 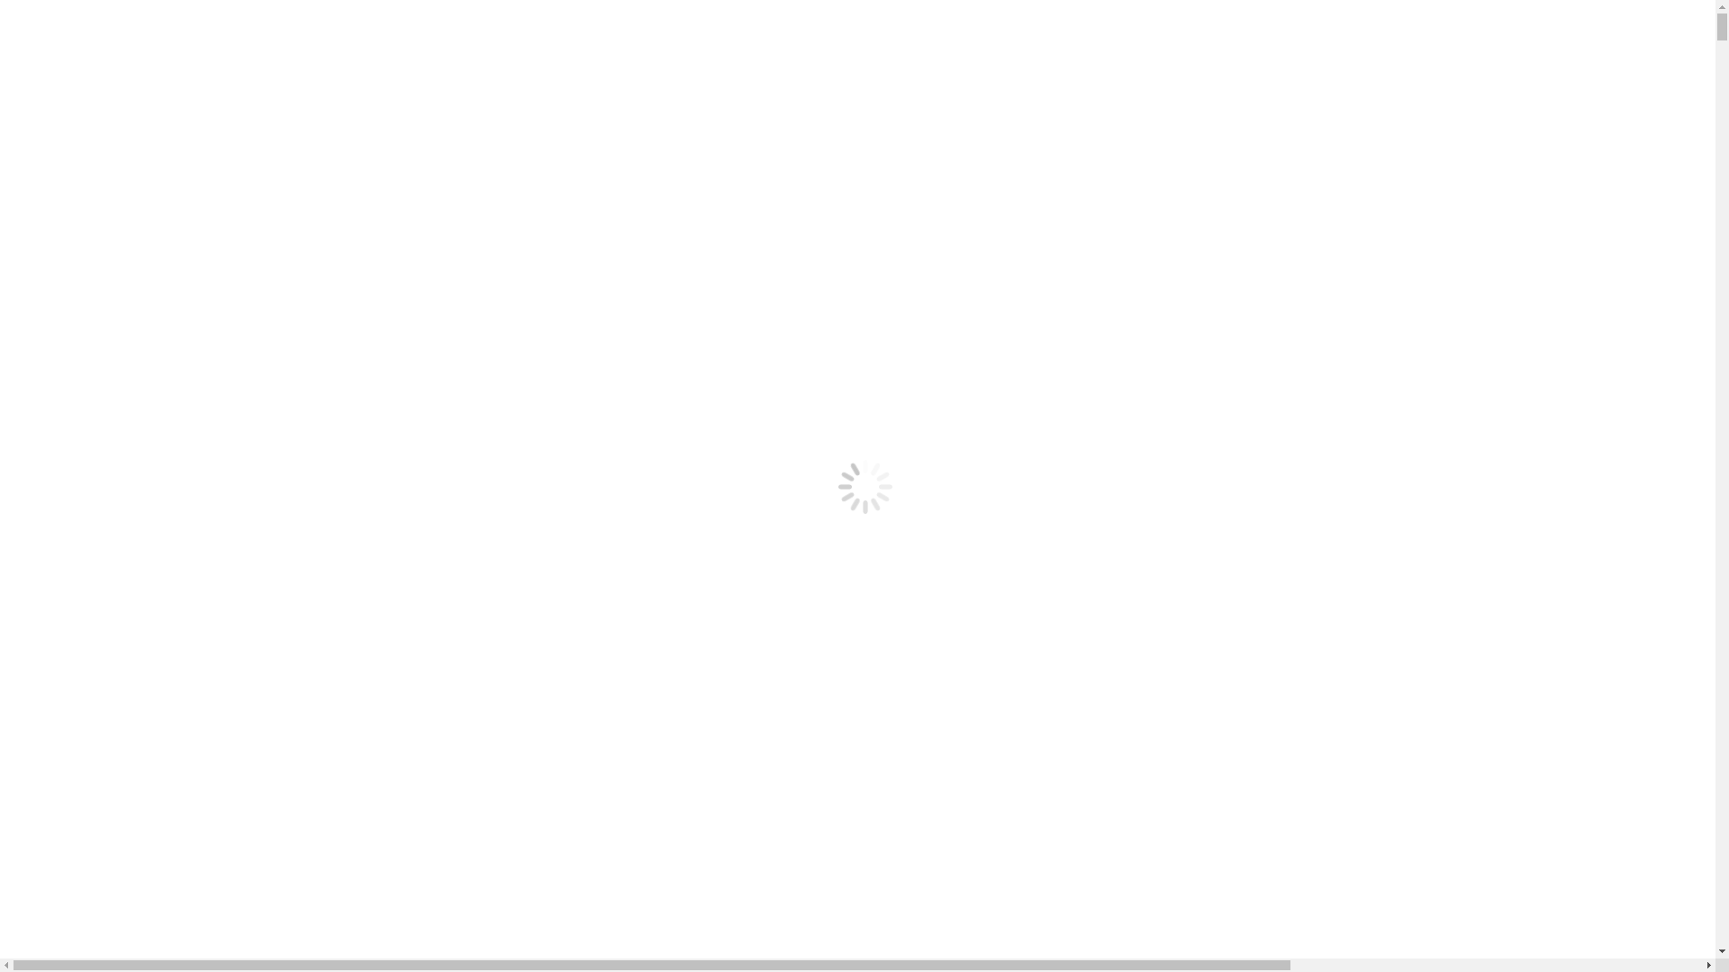 I want to click on 'Home', so click(x=60, y=147).